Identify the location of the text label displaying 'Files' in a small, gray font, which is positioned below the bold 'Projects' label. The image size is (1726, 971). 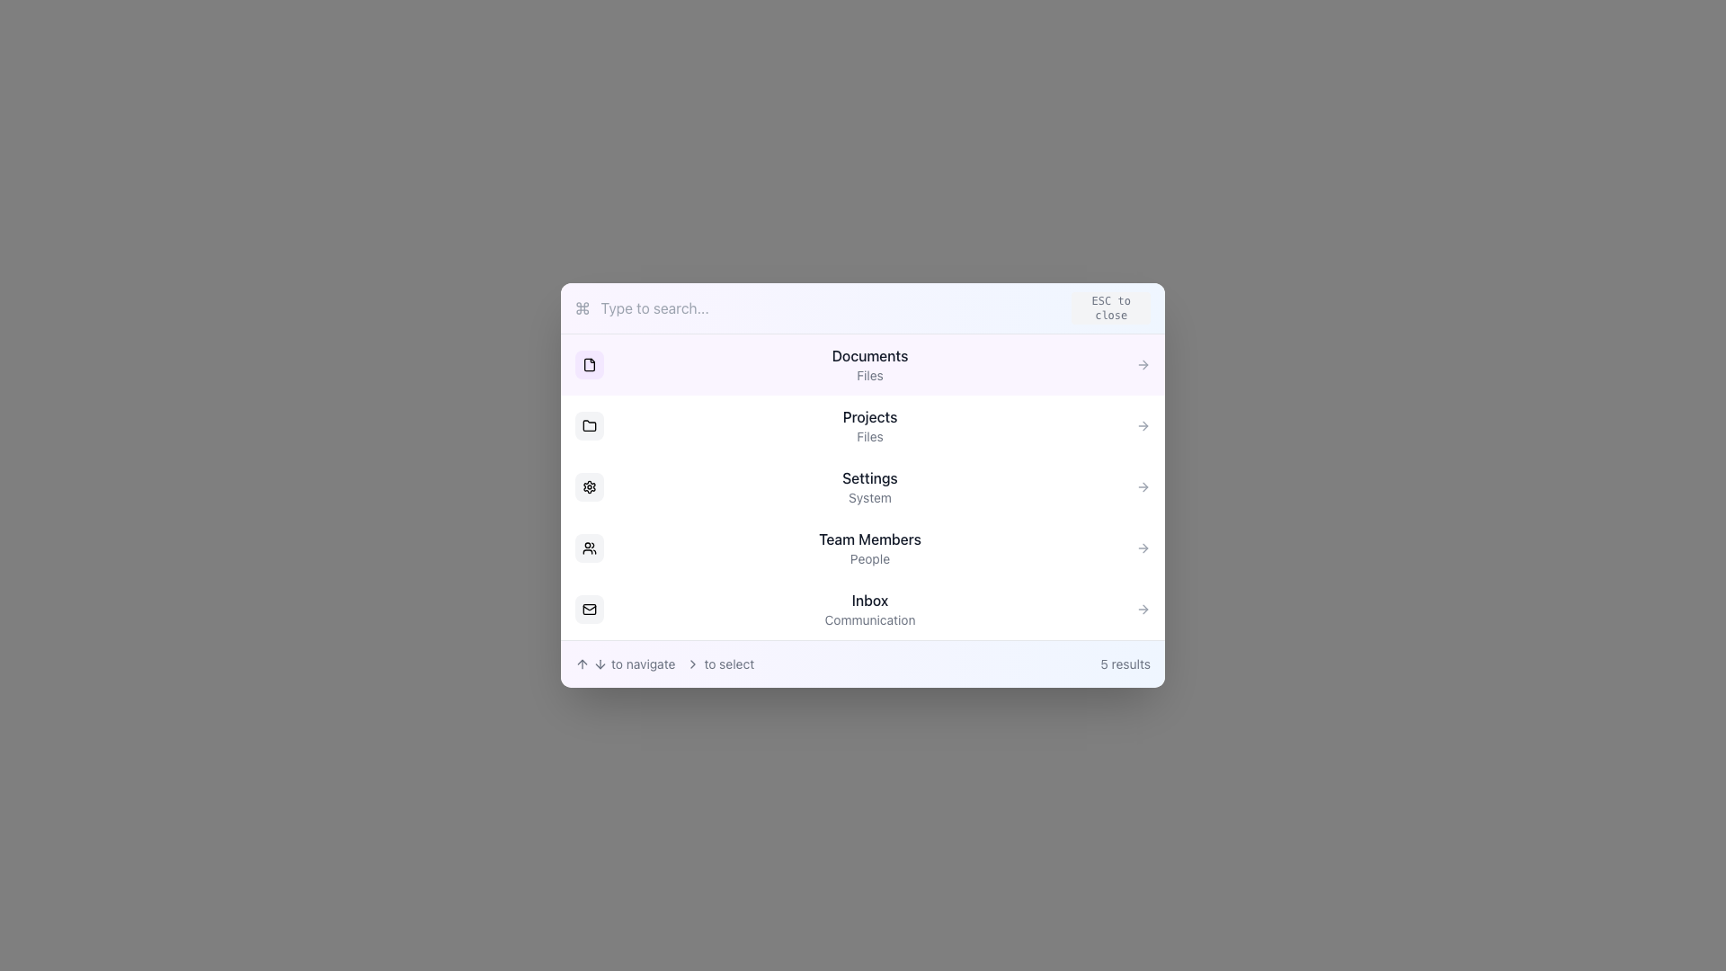
(870, 437).